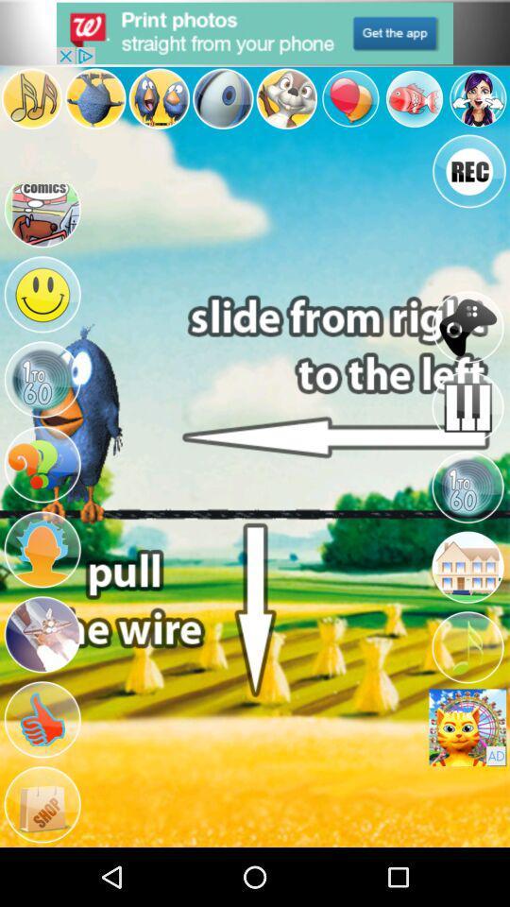  Describe the element at coordinates (42, 788) in the screenshot. I see `the thumbs_up icon` at that location.